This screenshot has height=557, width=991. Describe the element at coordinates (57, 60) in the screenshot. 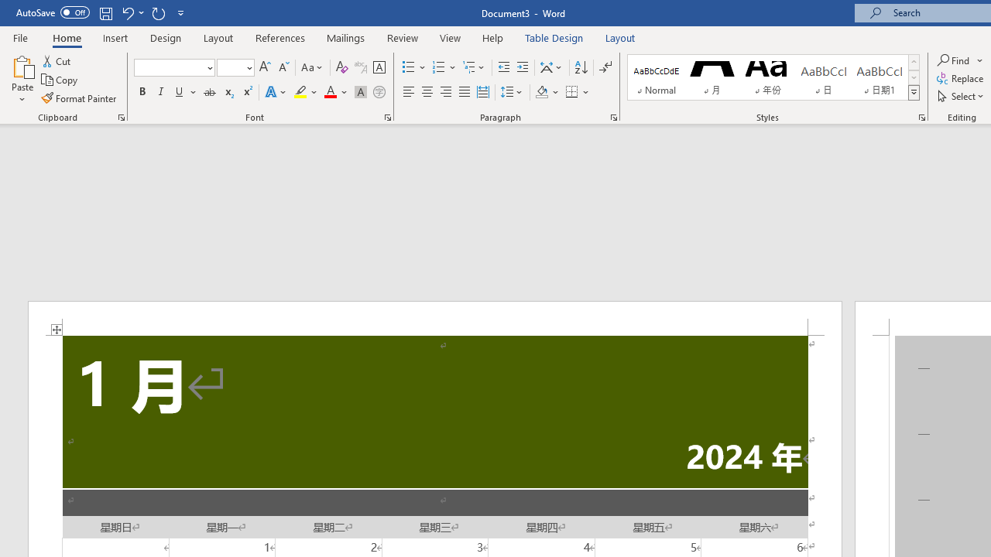

I see `'Cut'` at that location.